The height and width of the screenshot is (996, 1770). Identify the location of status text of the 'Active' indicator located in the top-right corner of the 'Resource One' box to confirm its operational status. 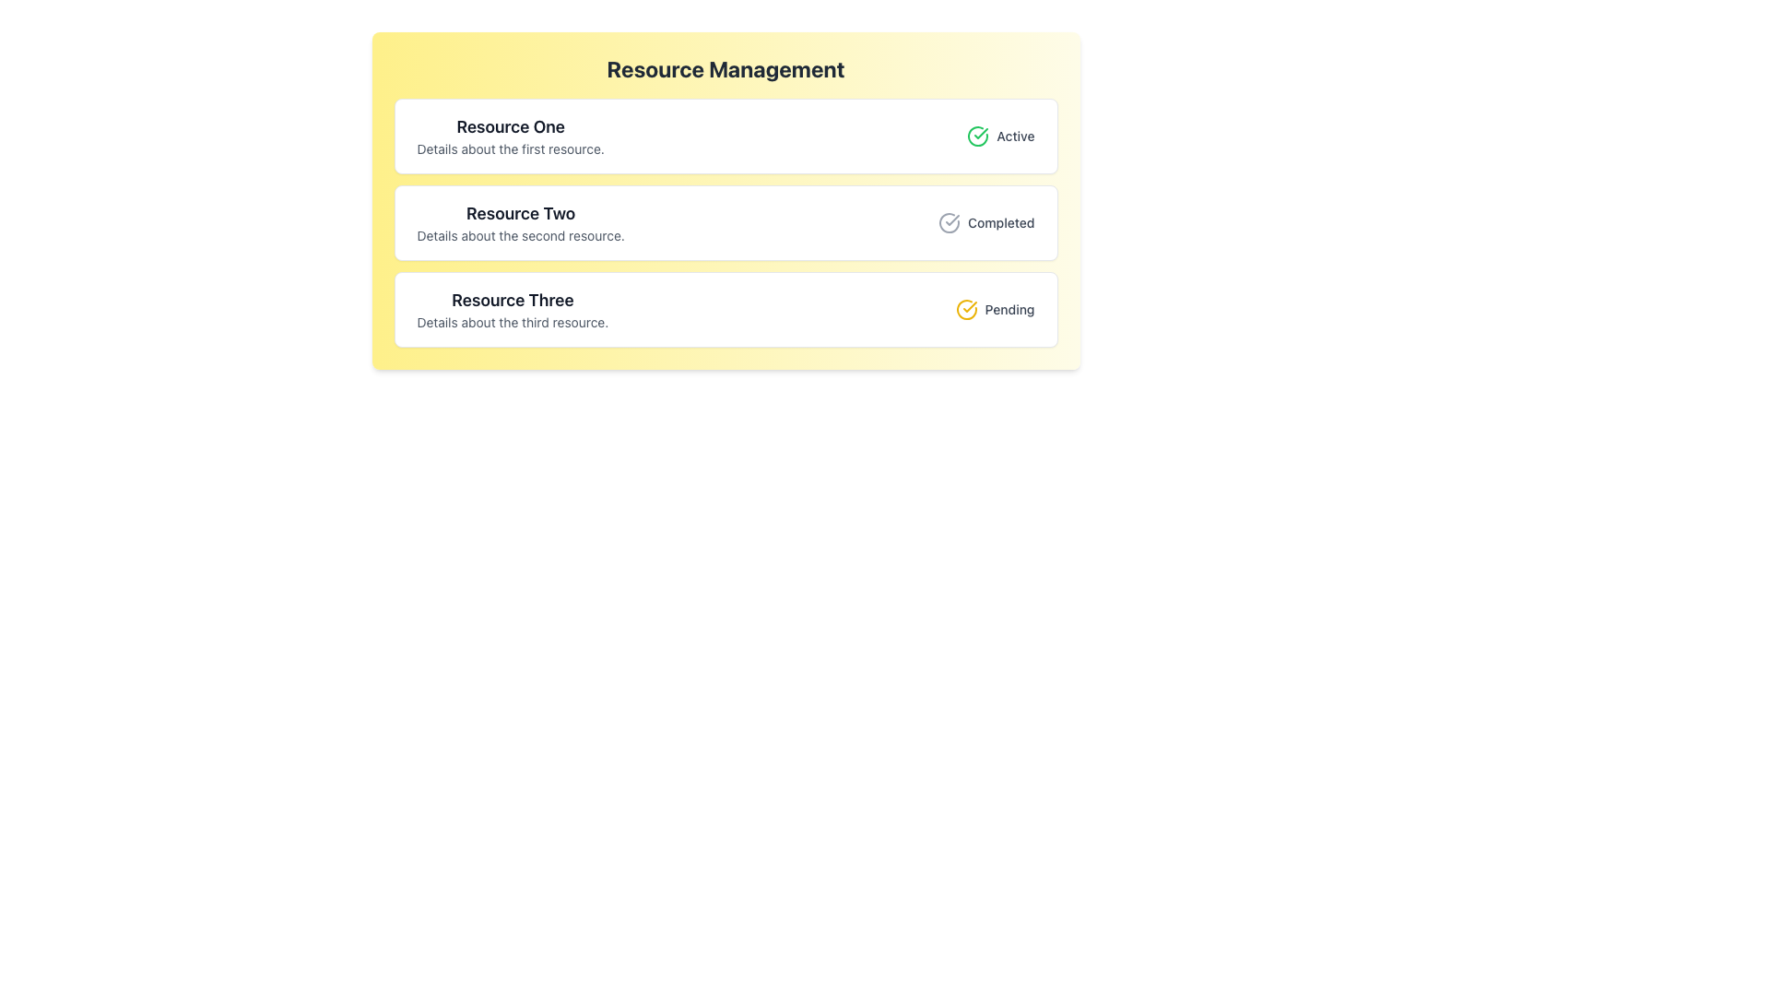
(999, 135).